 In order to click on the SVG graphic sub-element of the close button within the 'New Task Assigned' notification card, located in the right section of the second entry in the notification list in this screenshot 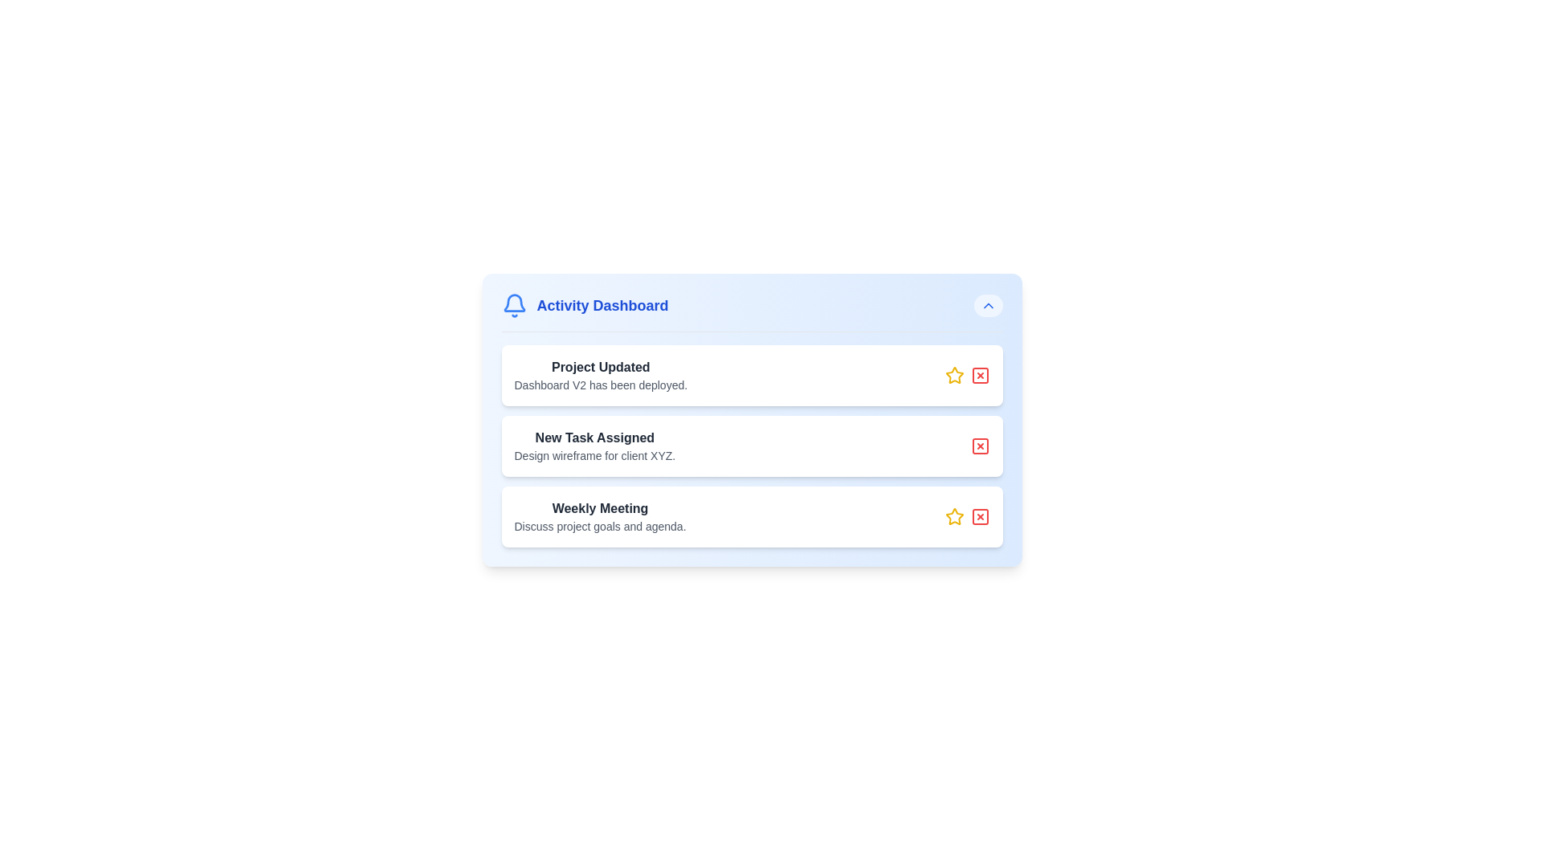, I will do `click(979, 446)`.